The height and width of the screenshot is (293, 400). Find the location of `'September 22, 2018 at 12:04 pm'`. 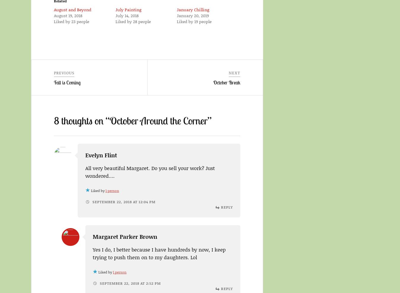

'September 22, 2018 at 12:04 pm' is located at coordinates (123, 201).